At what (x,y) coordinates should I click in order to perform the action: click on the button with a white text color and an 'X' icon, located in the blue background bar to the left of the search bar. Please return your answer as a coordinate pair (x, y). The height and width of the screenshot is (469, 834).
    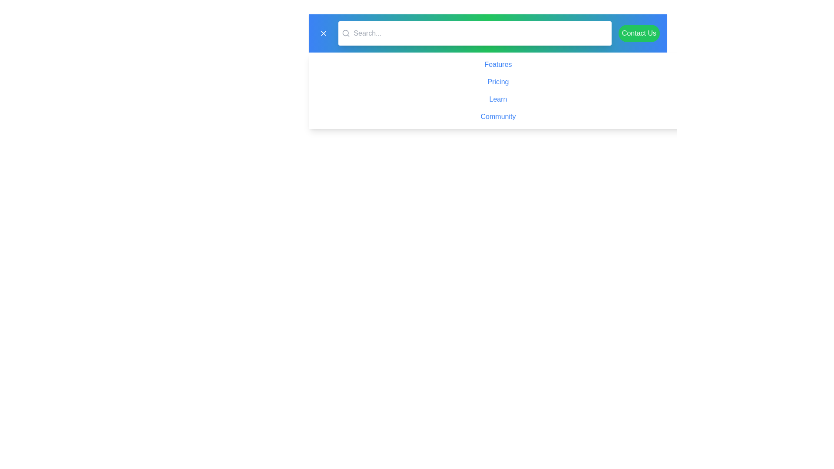
    Looking at the image, I should click on (323, 33).